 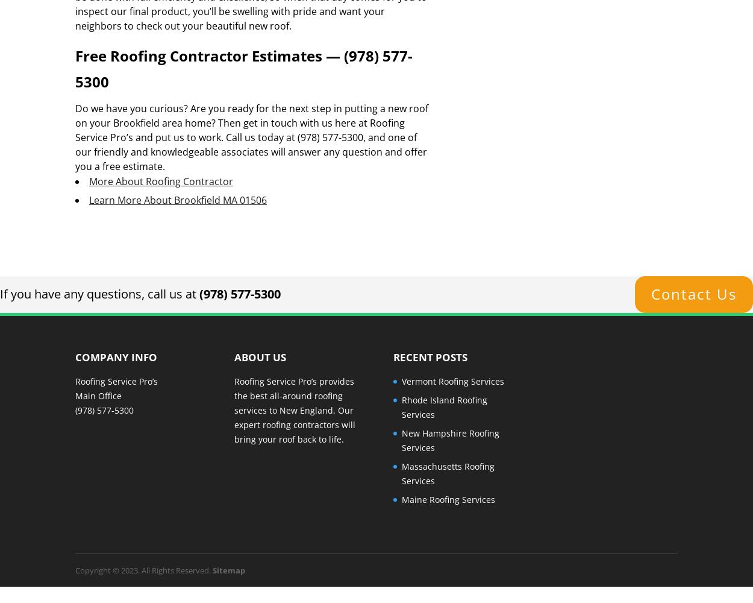 What do you see at coordinates (98, 395) in the screenshot?
I see `'Main Office'` at bounding box center [98, 395].